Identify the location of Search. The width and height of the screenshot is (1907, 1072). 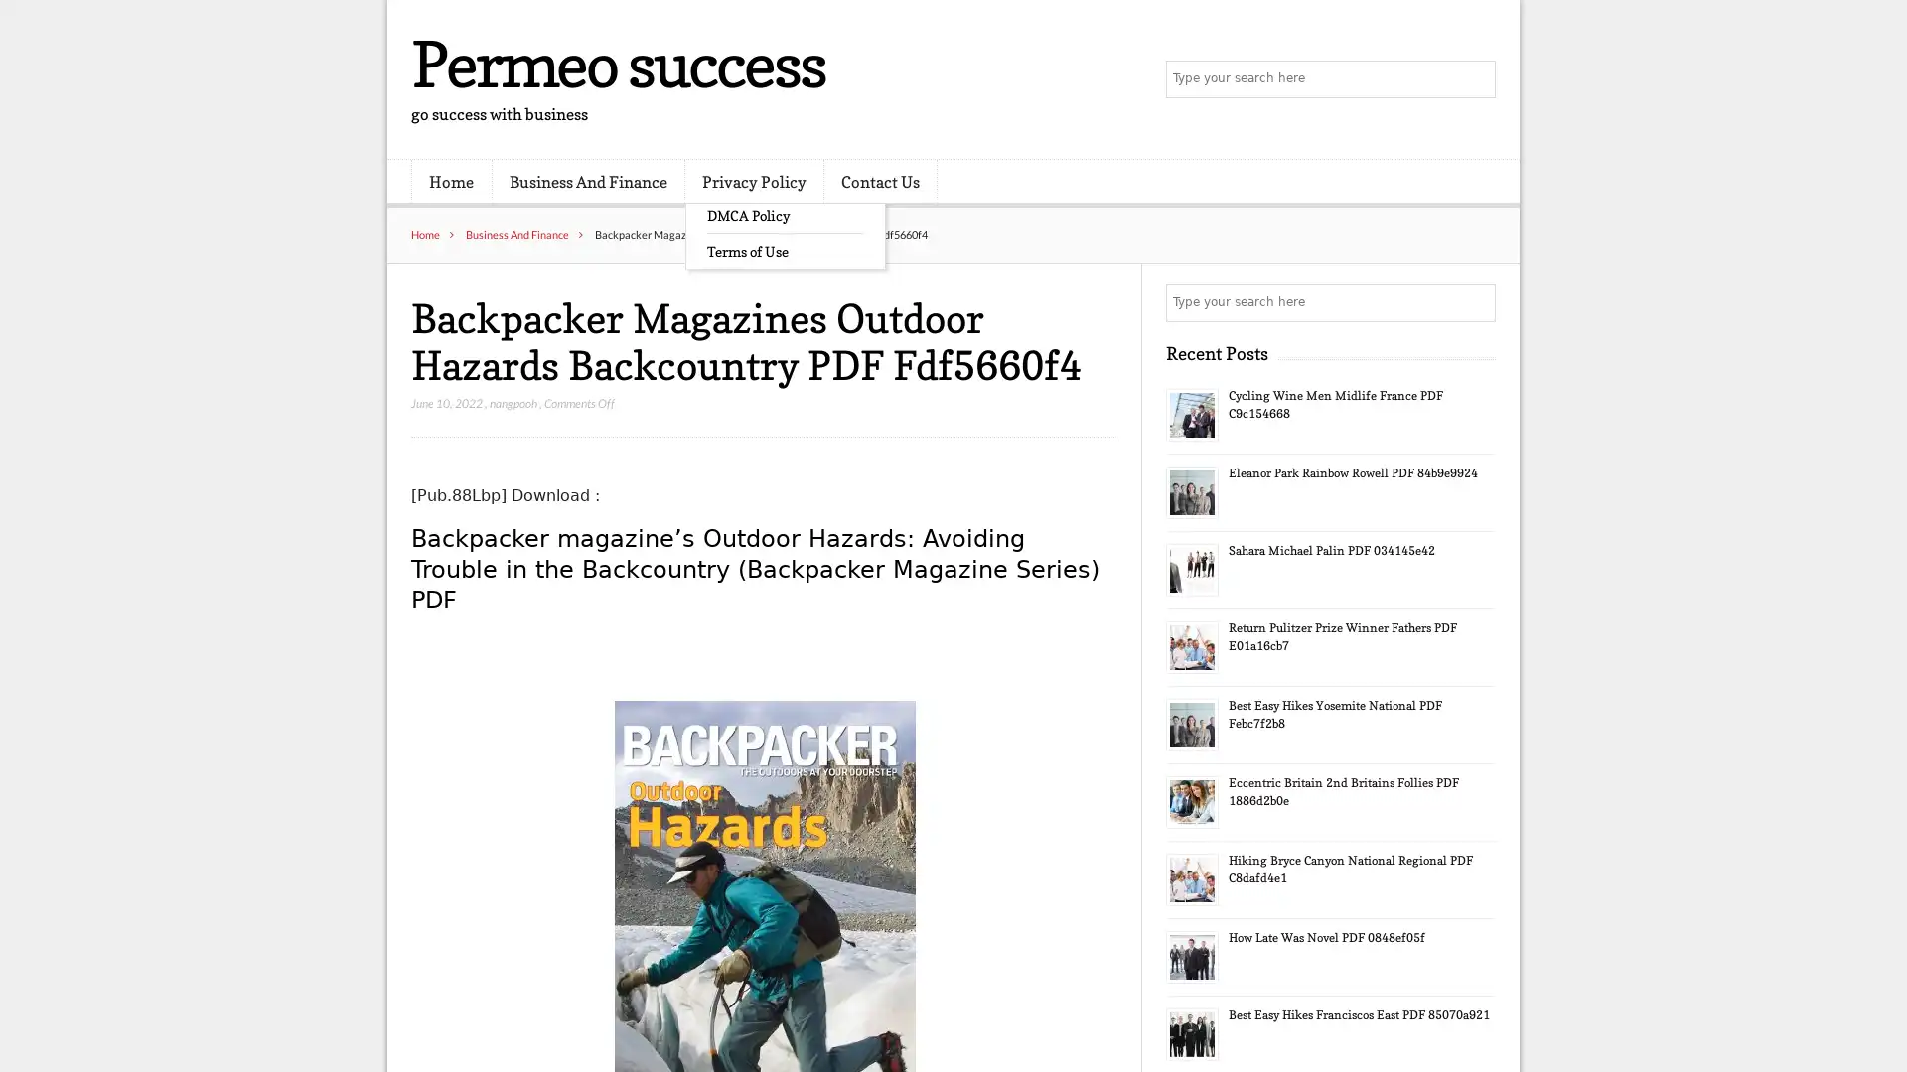
(1475, 302).